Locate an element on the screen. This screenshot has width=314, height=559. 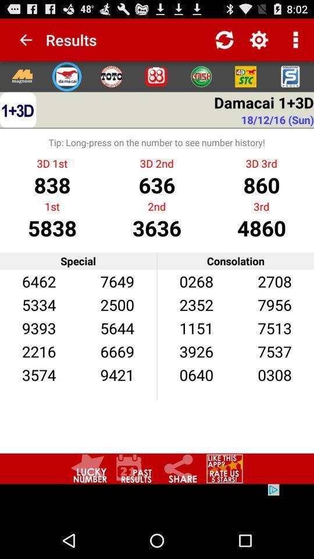
the settings icon is located at coordinates (156, 81).